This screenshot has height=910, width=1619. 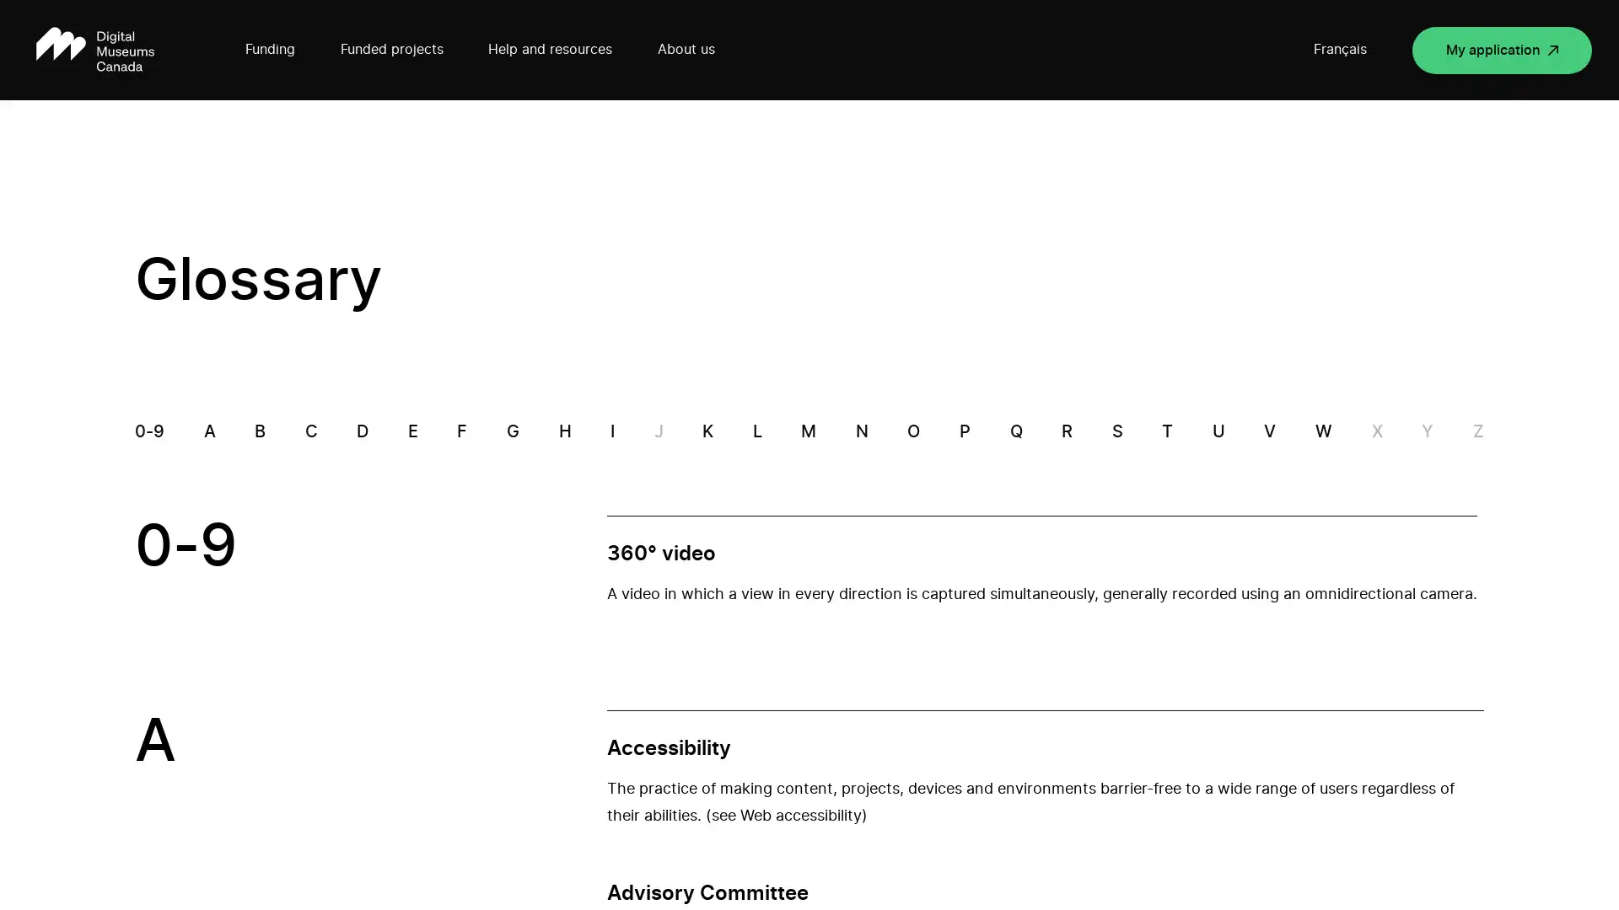 I want to click on S, so click(x=1116, y=431).